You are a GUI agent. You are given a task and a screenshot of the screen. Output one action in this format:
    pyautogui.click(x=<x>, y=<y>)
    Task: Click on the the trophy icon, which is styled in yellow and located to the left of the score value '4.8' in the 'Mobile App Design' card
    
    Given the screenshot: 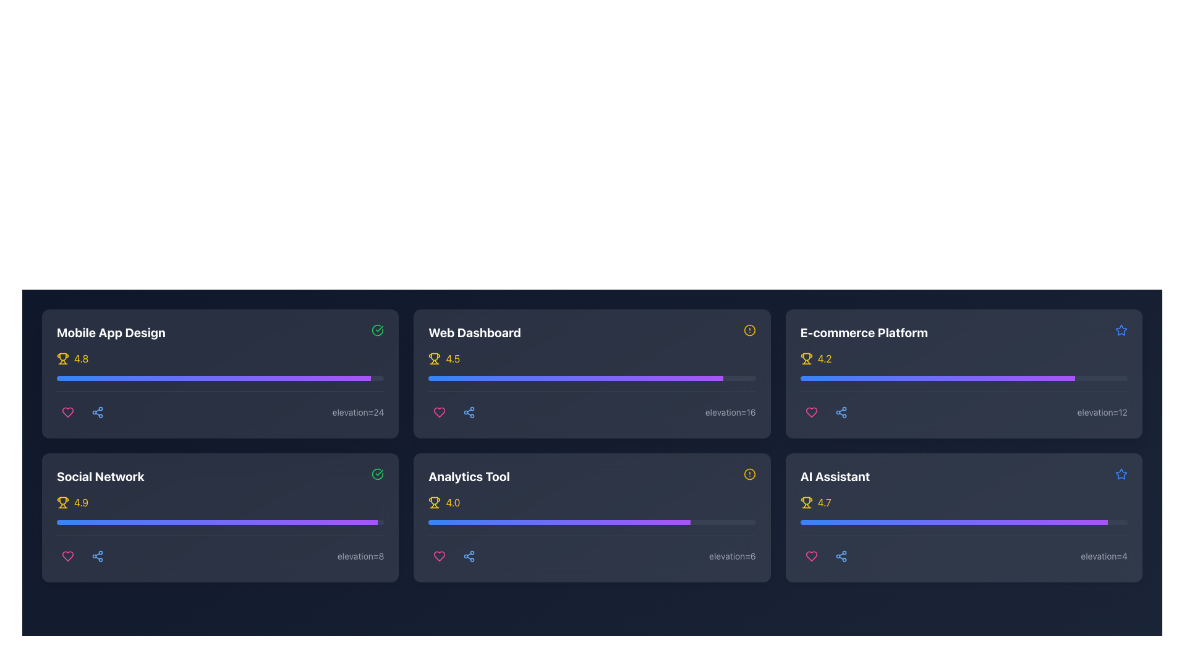 What is the action you would take?
    pyautogui.click(x=62, y=359)
    